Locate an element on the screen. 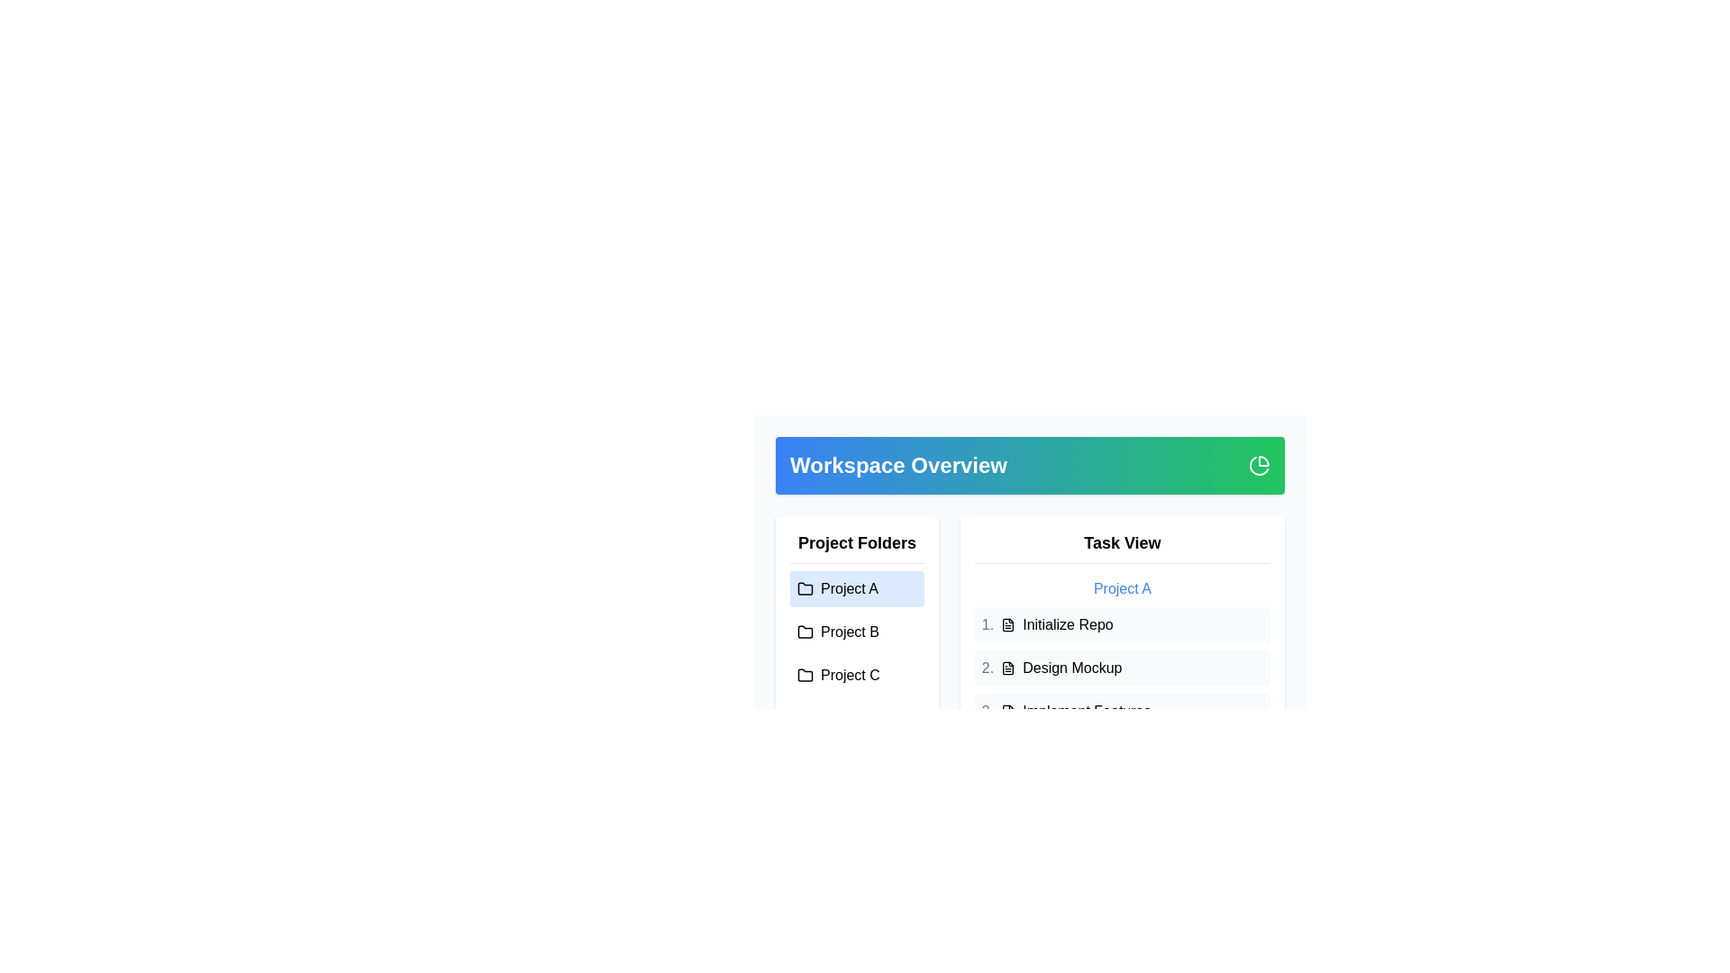  the selectable folder labeled 'Project B' is located at coordinates (856, 632).